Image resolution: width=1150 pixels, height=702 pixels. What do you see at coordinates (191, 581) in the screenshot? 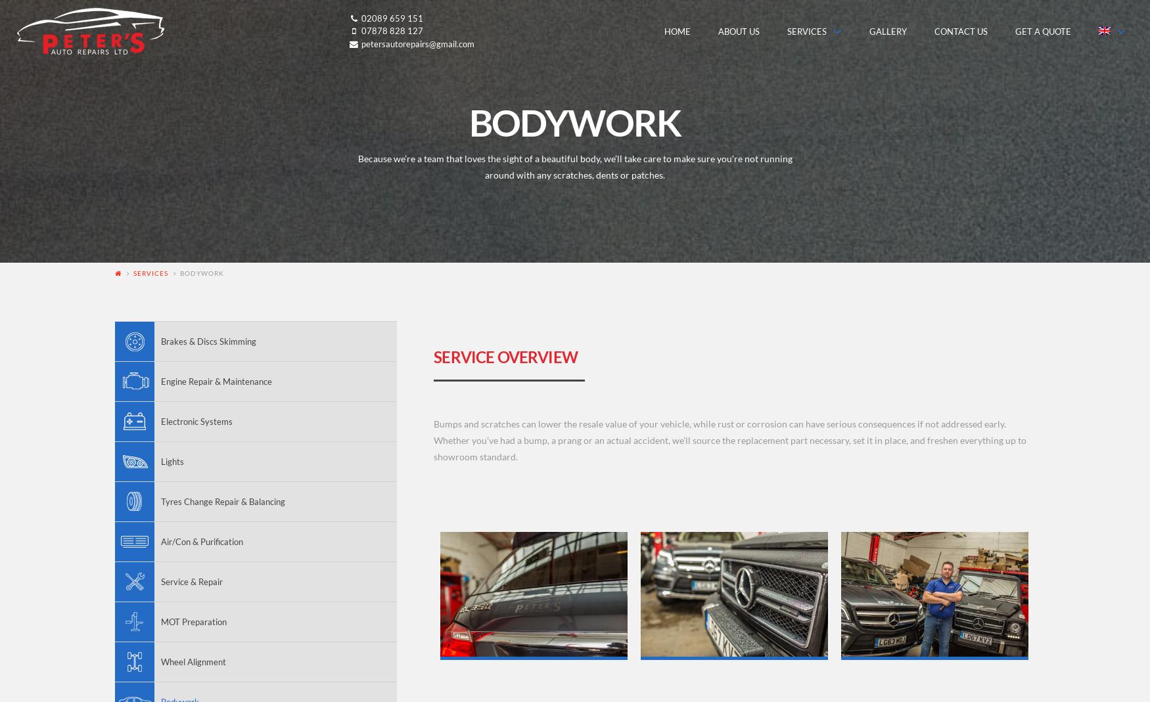
I see `'Service & Repair'` at bounding box center [191, 581].